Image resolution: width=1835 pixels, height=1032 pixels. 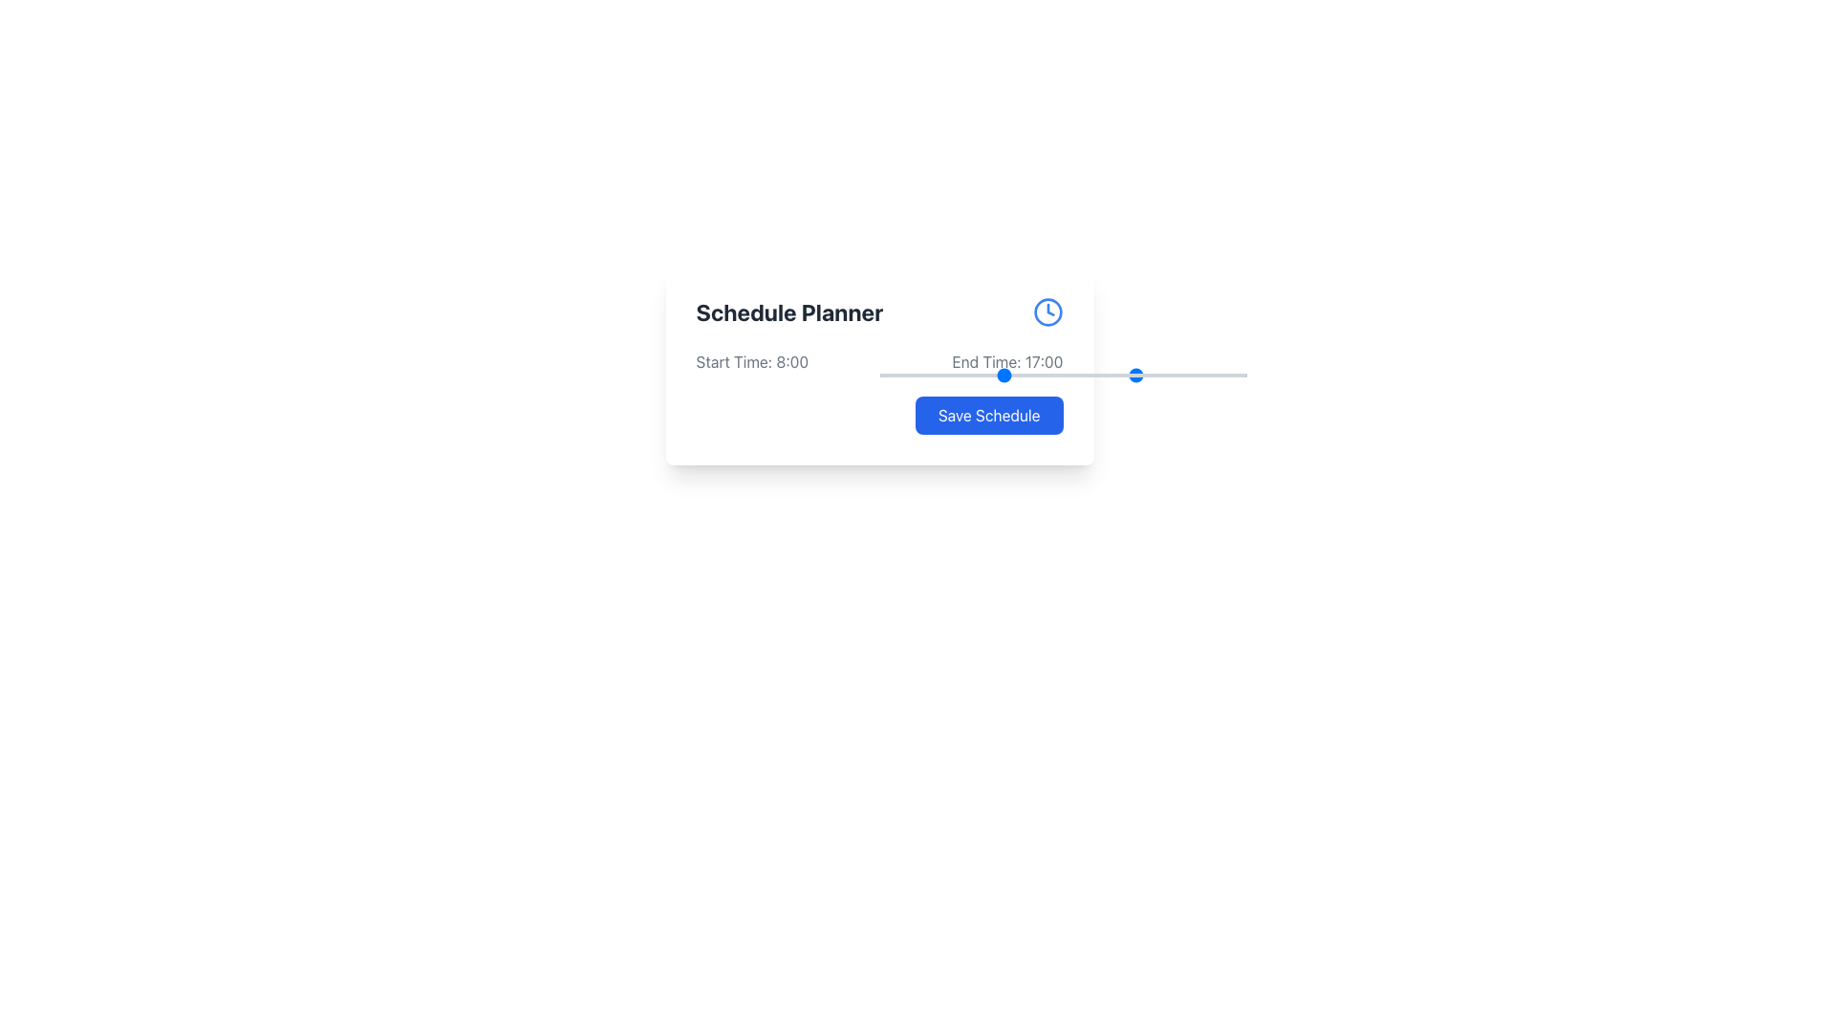 What do you see at coordinates (878, 376) in the screenshot?
I see `the end time` at bounding box center [878, 376].